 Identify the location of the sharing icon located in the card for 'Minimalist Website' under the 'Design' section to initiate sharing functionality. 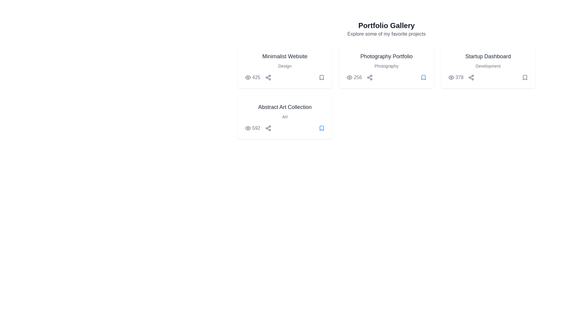
(268, 77).